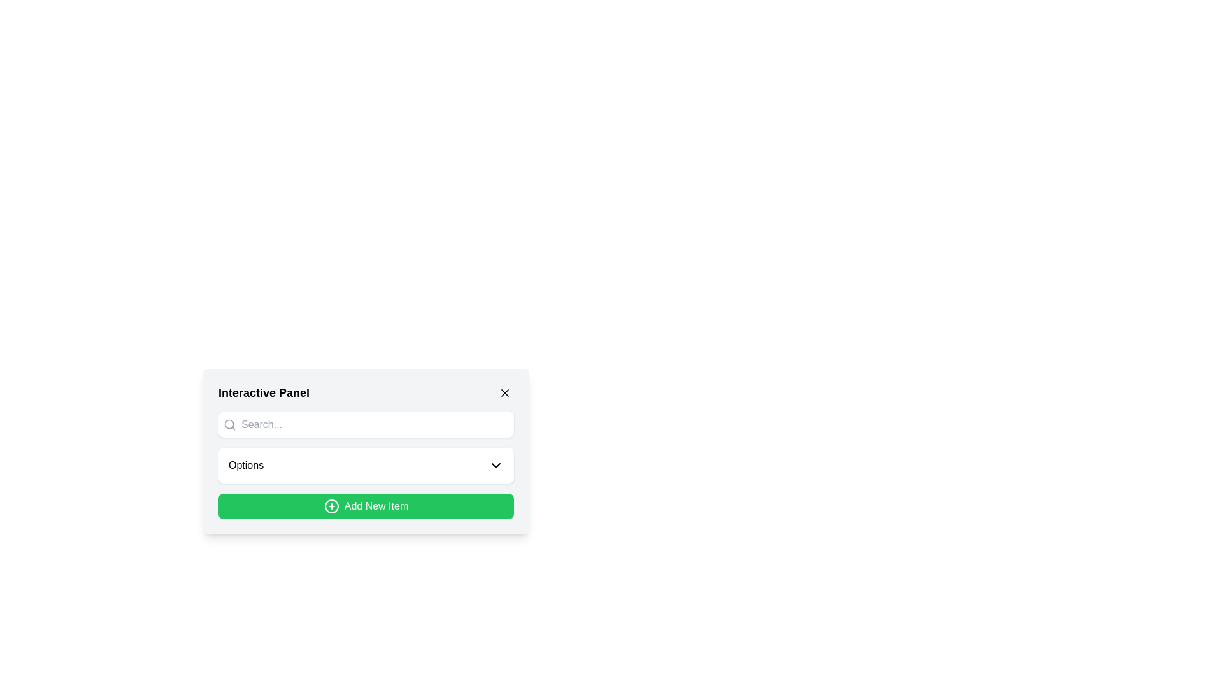 This screenshot has height=688, width=1223. I want to click on the dropdown menu trigger located in the Interactive Panel, so click(366, 466).